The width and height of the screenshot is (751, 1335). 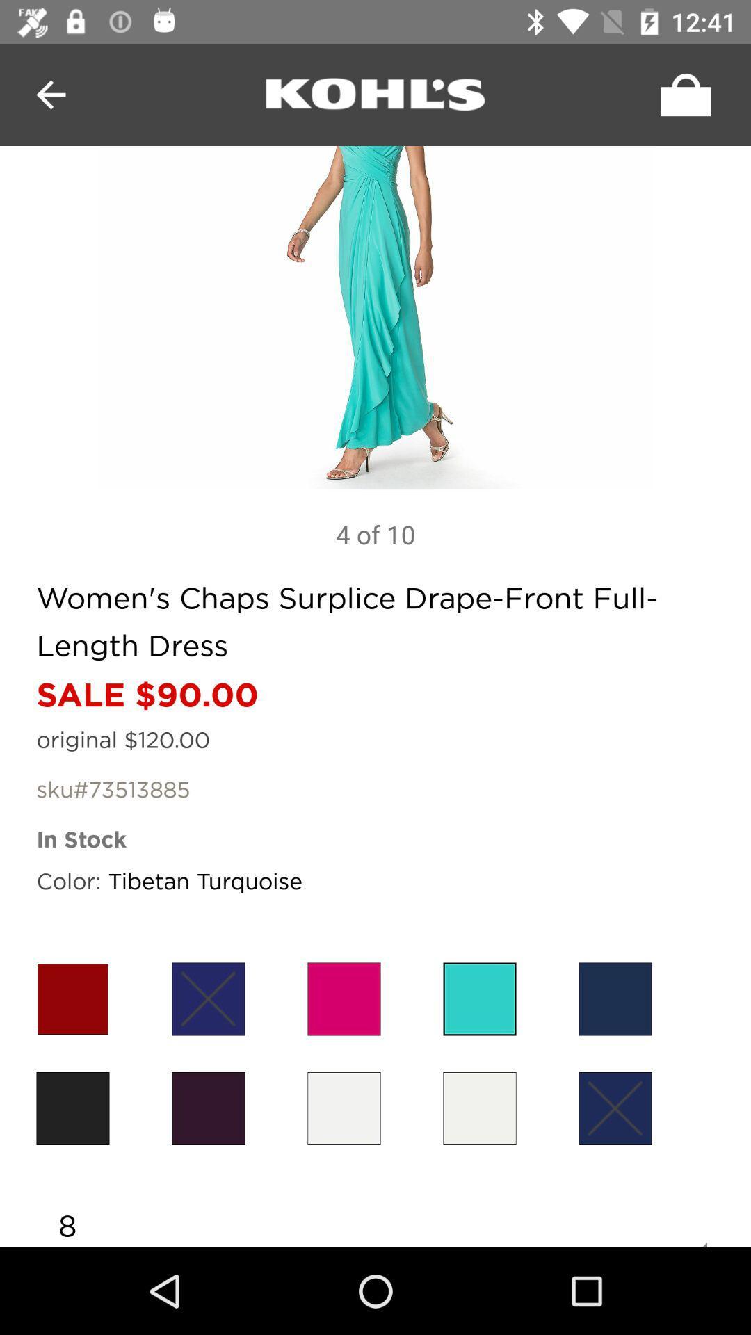 I want to click on light brown dress, so click(x=72, y=1108).